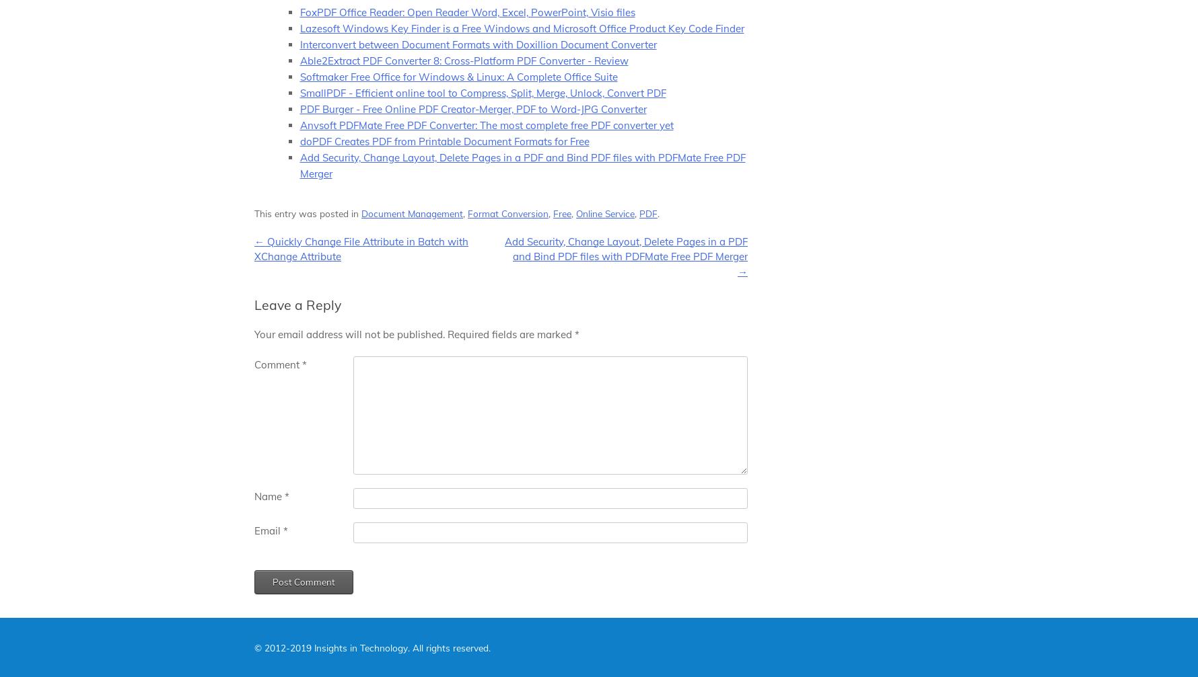 The image size is (1198, 677). Describe the element at coordinates (472, 108) in the screenshot. I see `'PDF Burger - Free Online PDF Creator-Merger, PDF to Word-JPG Converter'` at that location.